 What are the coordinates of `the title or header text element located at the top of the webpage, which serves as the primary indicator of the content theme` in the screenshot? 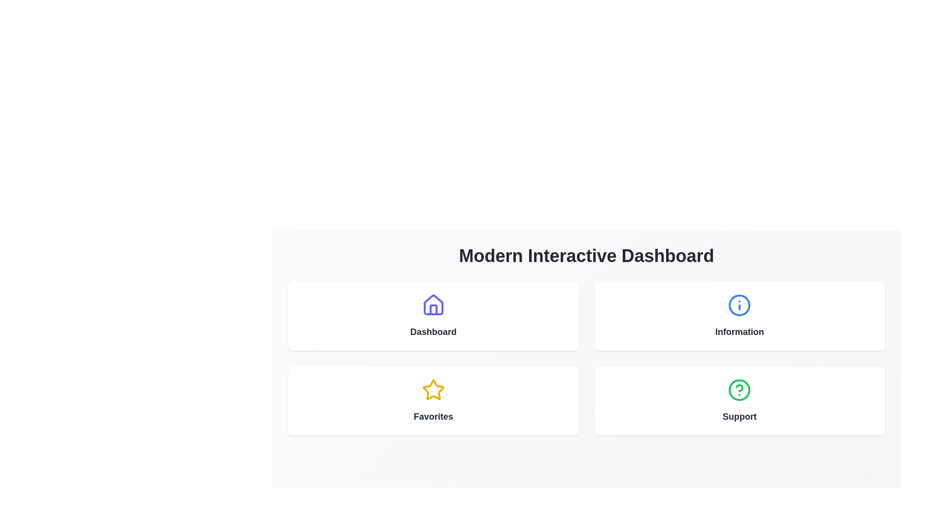 It's located at (586, 256).